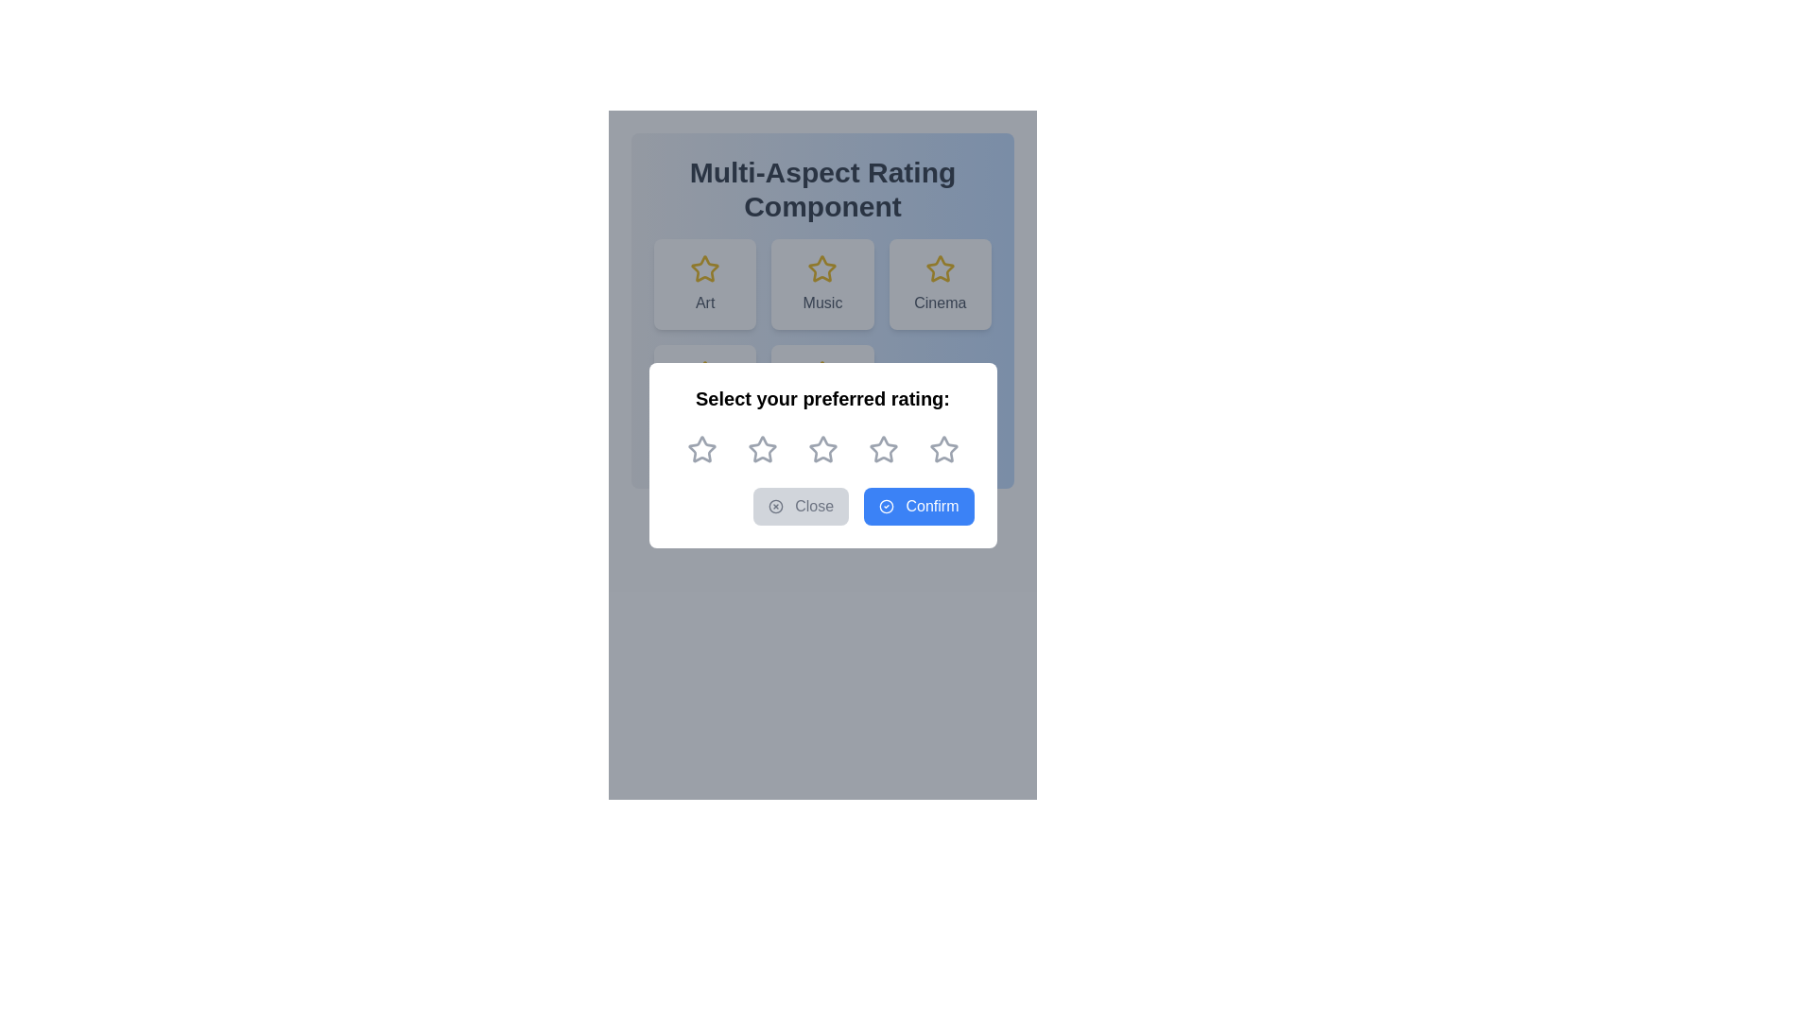 Image resolution: width=1815 pixels, height=1021 pixels. What do you see at coordinates (704, 269) in the screenshot?
I see `the yellow star icon located above the 'Art' label` at bounding box center [704, 269].